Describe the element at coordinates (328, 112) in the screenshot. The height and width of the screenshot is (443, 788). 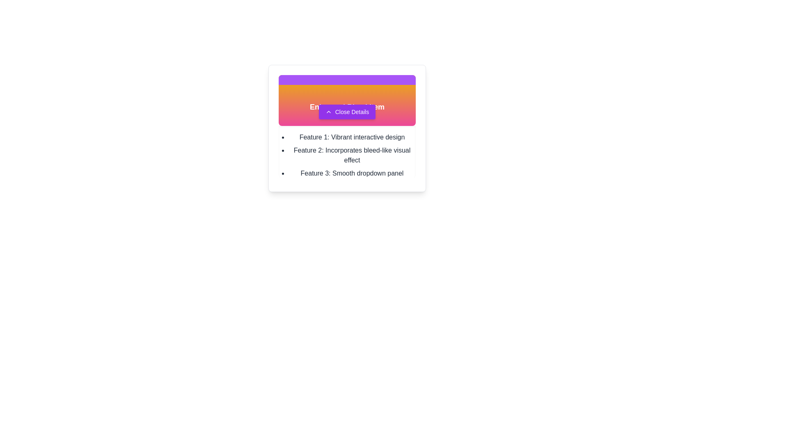
I see `the Chevron-Up icon, which is located on the left part of the 'Close Details' button, to signify an upward action for collapsing content` at that location.